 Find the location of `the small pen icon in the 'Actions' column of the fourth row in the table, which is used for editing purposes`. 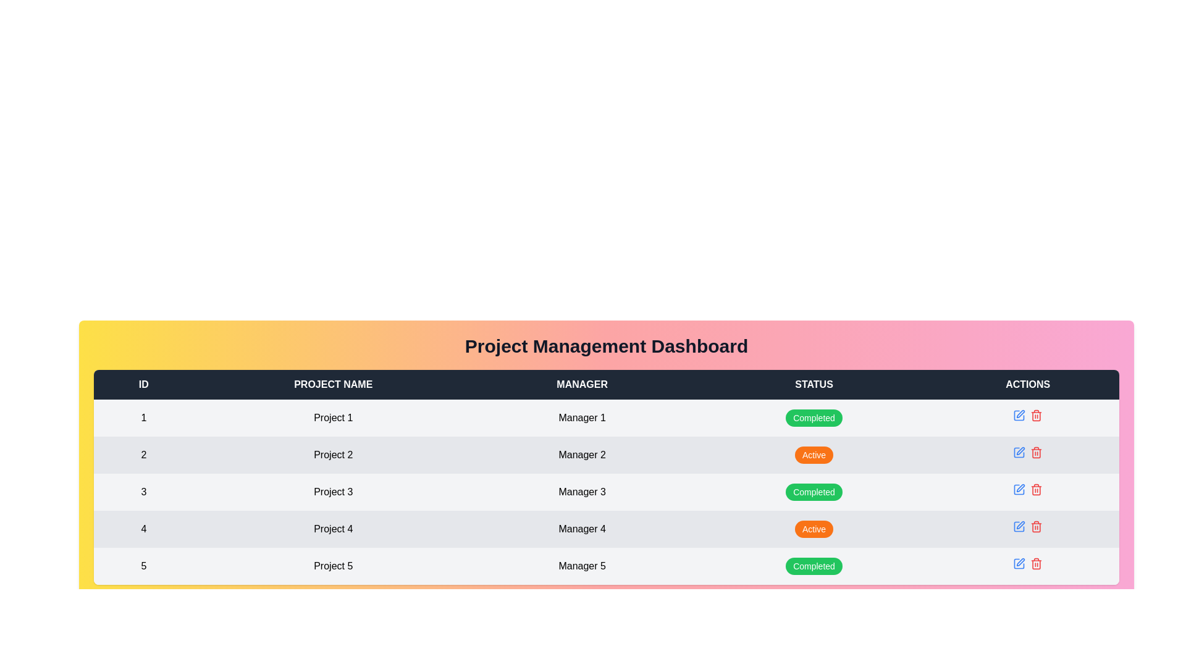

the small pen icon in the 'Actions' column of the fourth row in the table, which is used for editing purposes is located at coordinates (1020, 487).